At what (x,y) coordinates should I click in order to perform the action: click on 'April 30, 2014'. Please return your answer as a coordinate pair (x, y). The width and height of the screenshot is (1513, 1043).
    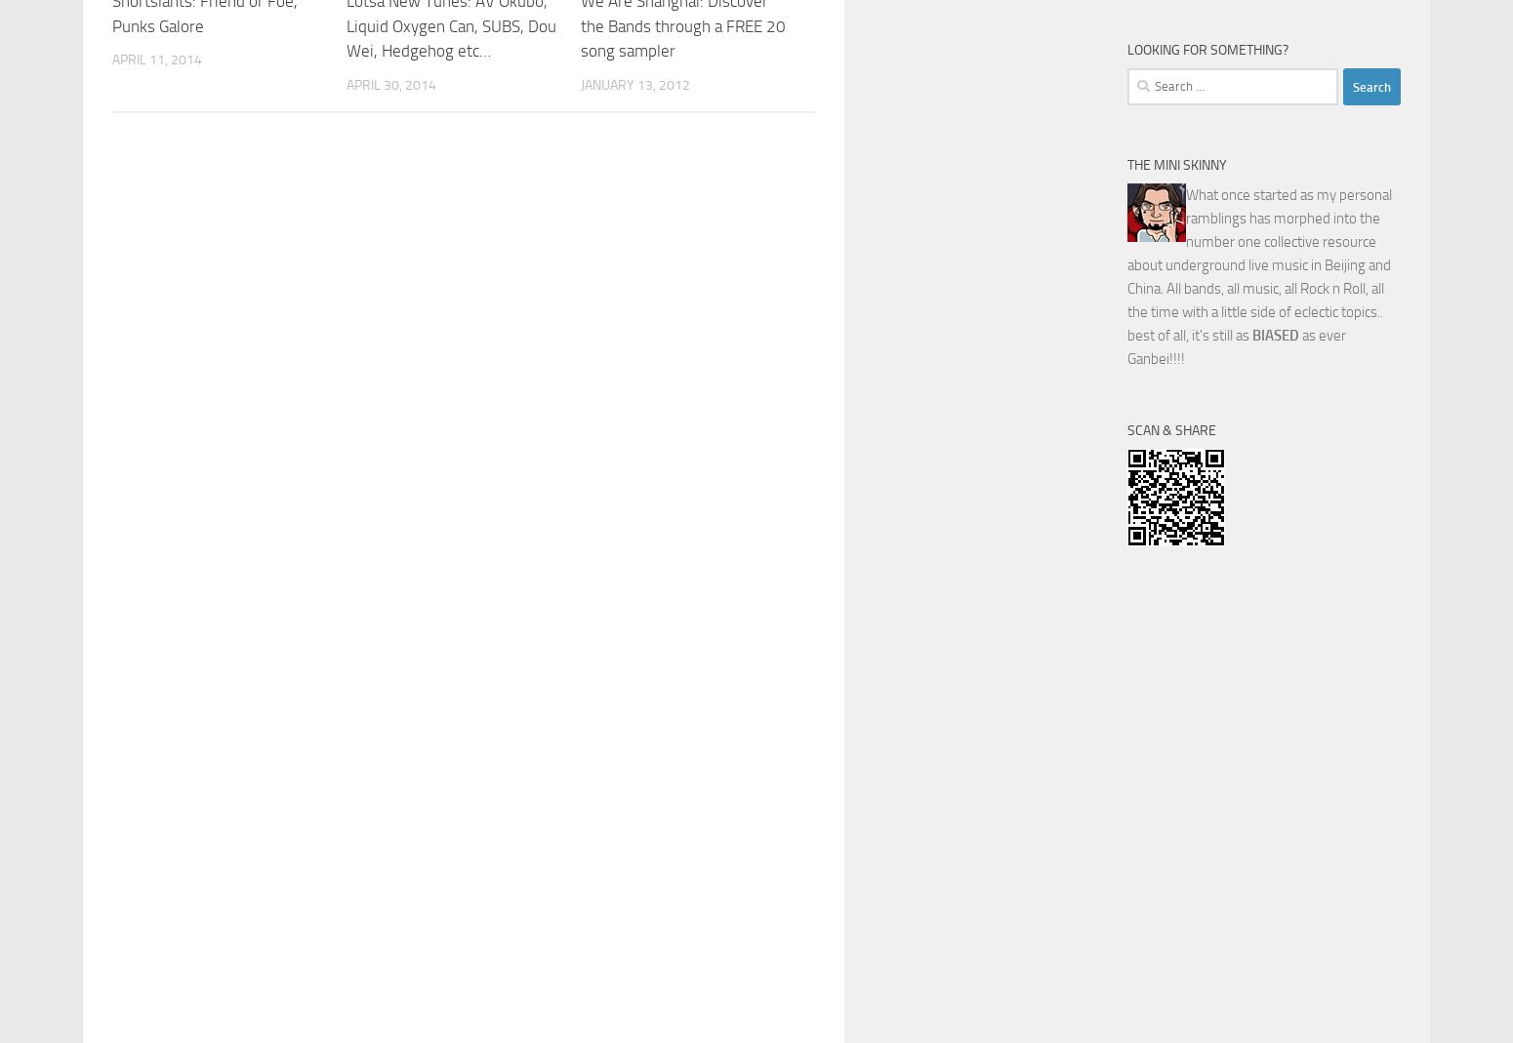
    Looking at the image, I should click on (390, 83).